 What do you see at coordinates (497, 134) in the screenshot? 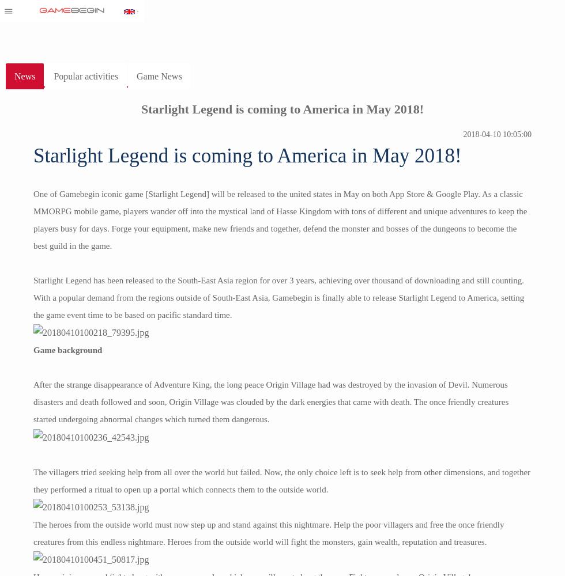
I see `'2018-04-10 10:05:00'` at bounding box center [497, 134].